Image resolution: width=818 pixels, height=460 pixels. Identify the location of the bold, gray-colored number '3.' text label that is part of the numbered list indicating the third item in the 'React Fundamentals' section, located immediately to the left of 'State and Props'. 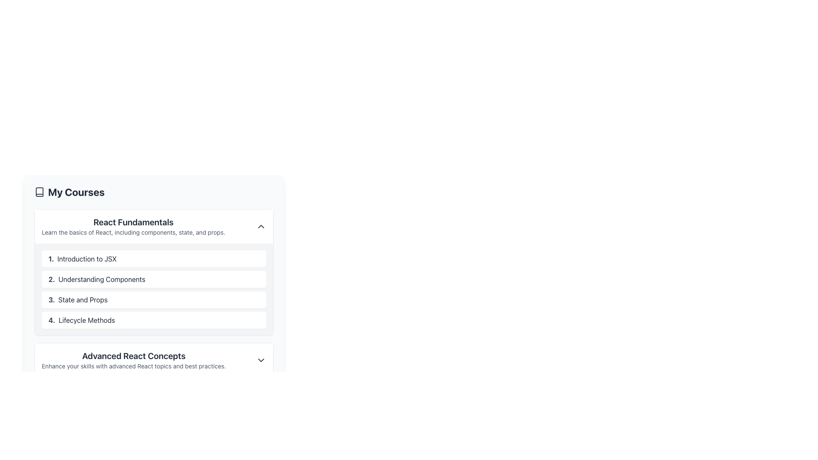
(51, 299).